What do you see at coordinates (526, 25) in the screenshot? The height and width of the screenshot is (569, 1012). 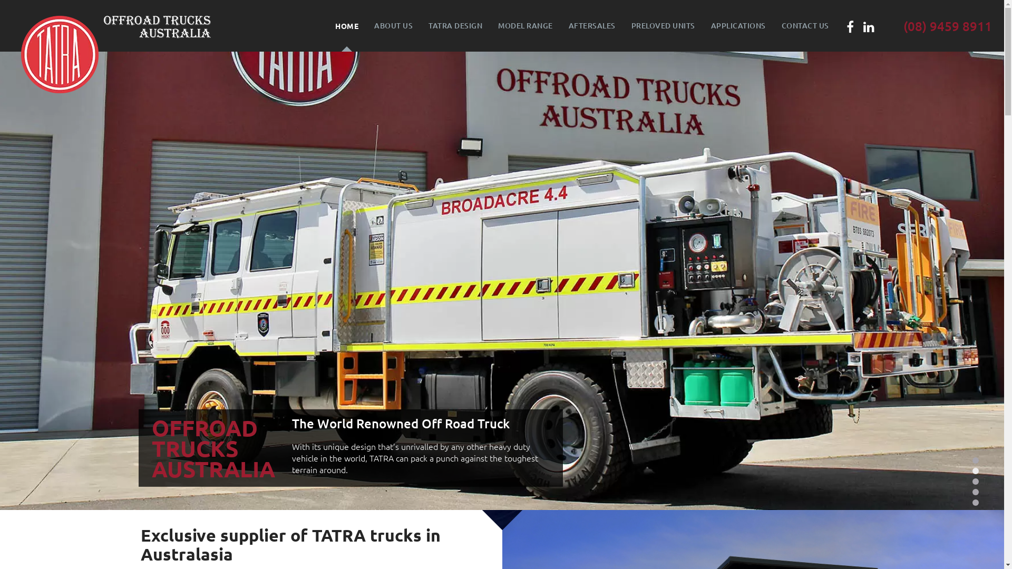 I see `'MODEL RANGE'` at bounding box center [526, 25].